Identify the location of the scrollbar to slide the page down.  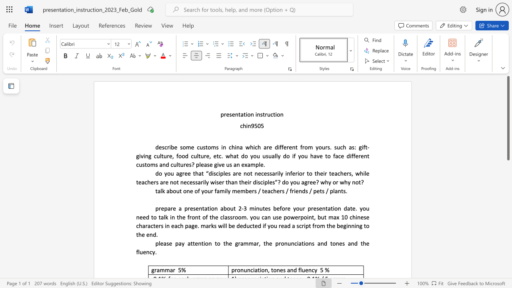
(508, 196).